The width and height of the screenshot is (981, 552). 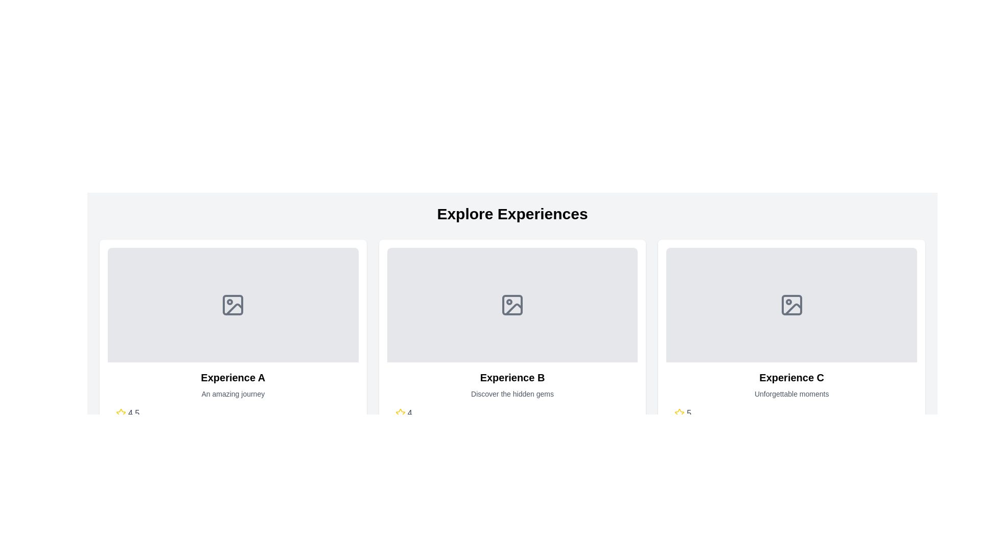 What do you see at coordinates (121, 413) in the screenshot?
I see `the first star icon representing the rating of '4.5' in the star-based rating system for 'Experience A'` at bounding box center [121, 413].